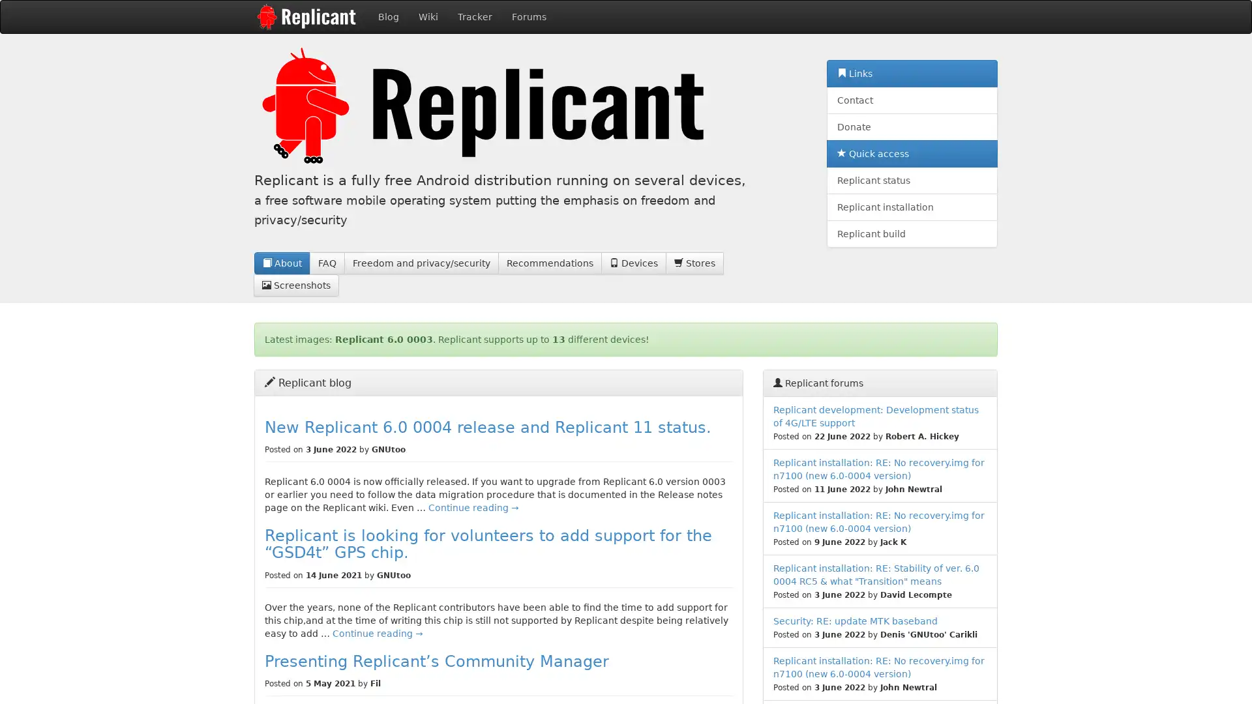 The height and width of the screenshot is (704, 1252). Describe the element at coordinates (550, 263) in the screenshot. I see `Recommendations` at that location.